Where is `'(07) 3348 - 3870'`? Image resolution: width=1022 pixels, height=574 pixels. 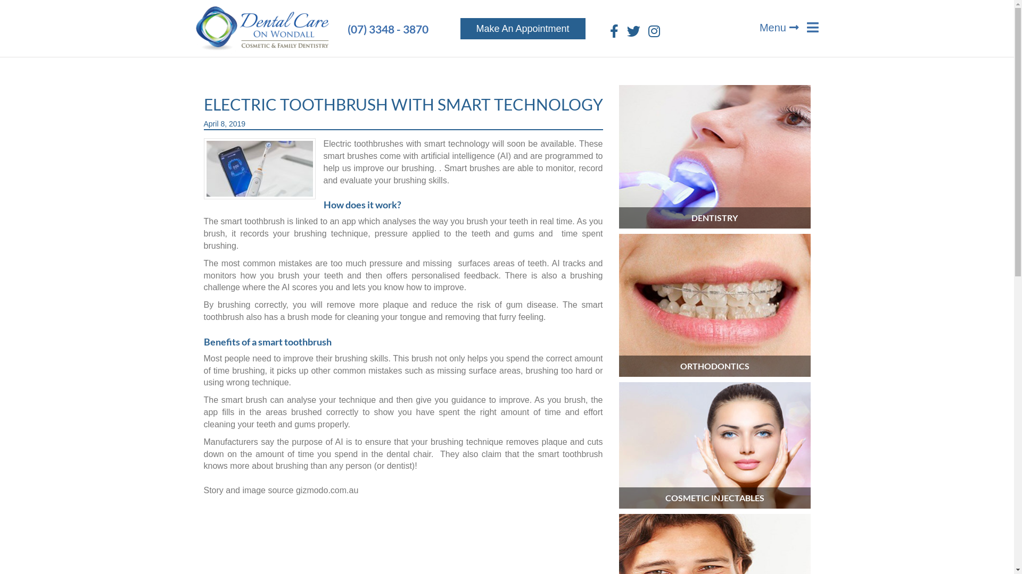
'(07) 3348 - 3870' is located at coordinates (387, 28).